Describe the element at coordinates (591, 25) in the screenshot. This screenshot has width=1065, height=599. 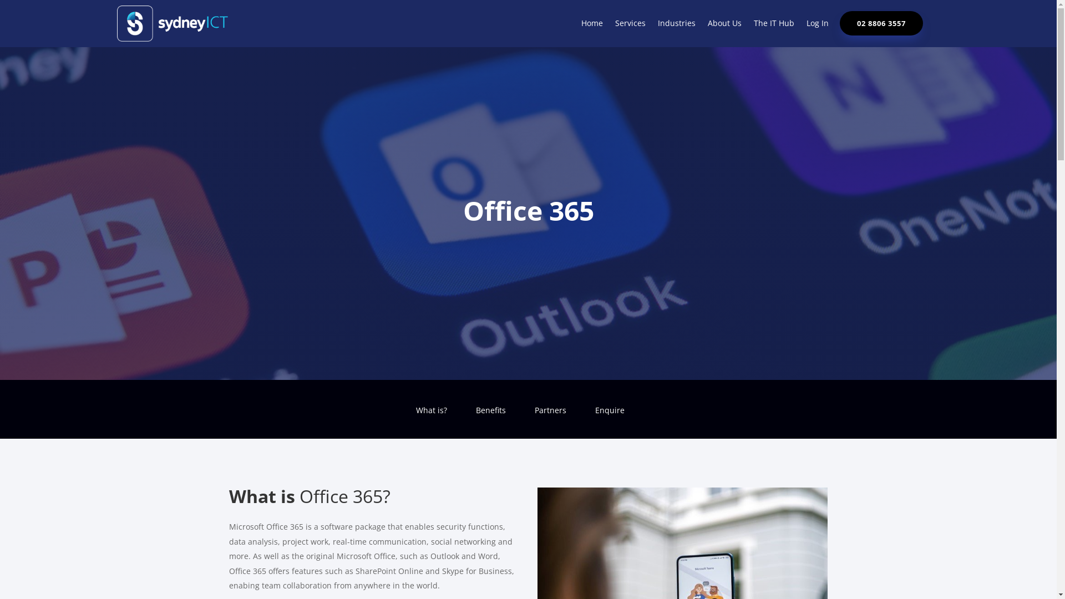
I see `'Home'` at that location.